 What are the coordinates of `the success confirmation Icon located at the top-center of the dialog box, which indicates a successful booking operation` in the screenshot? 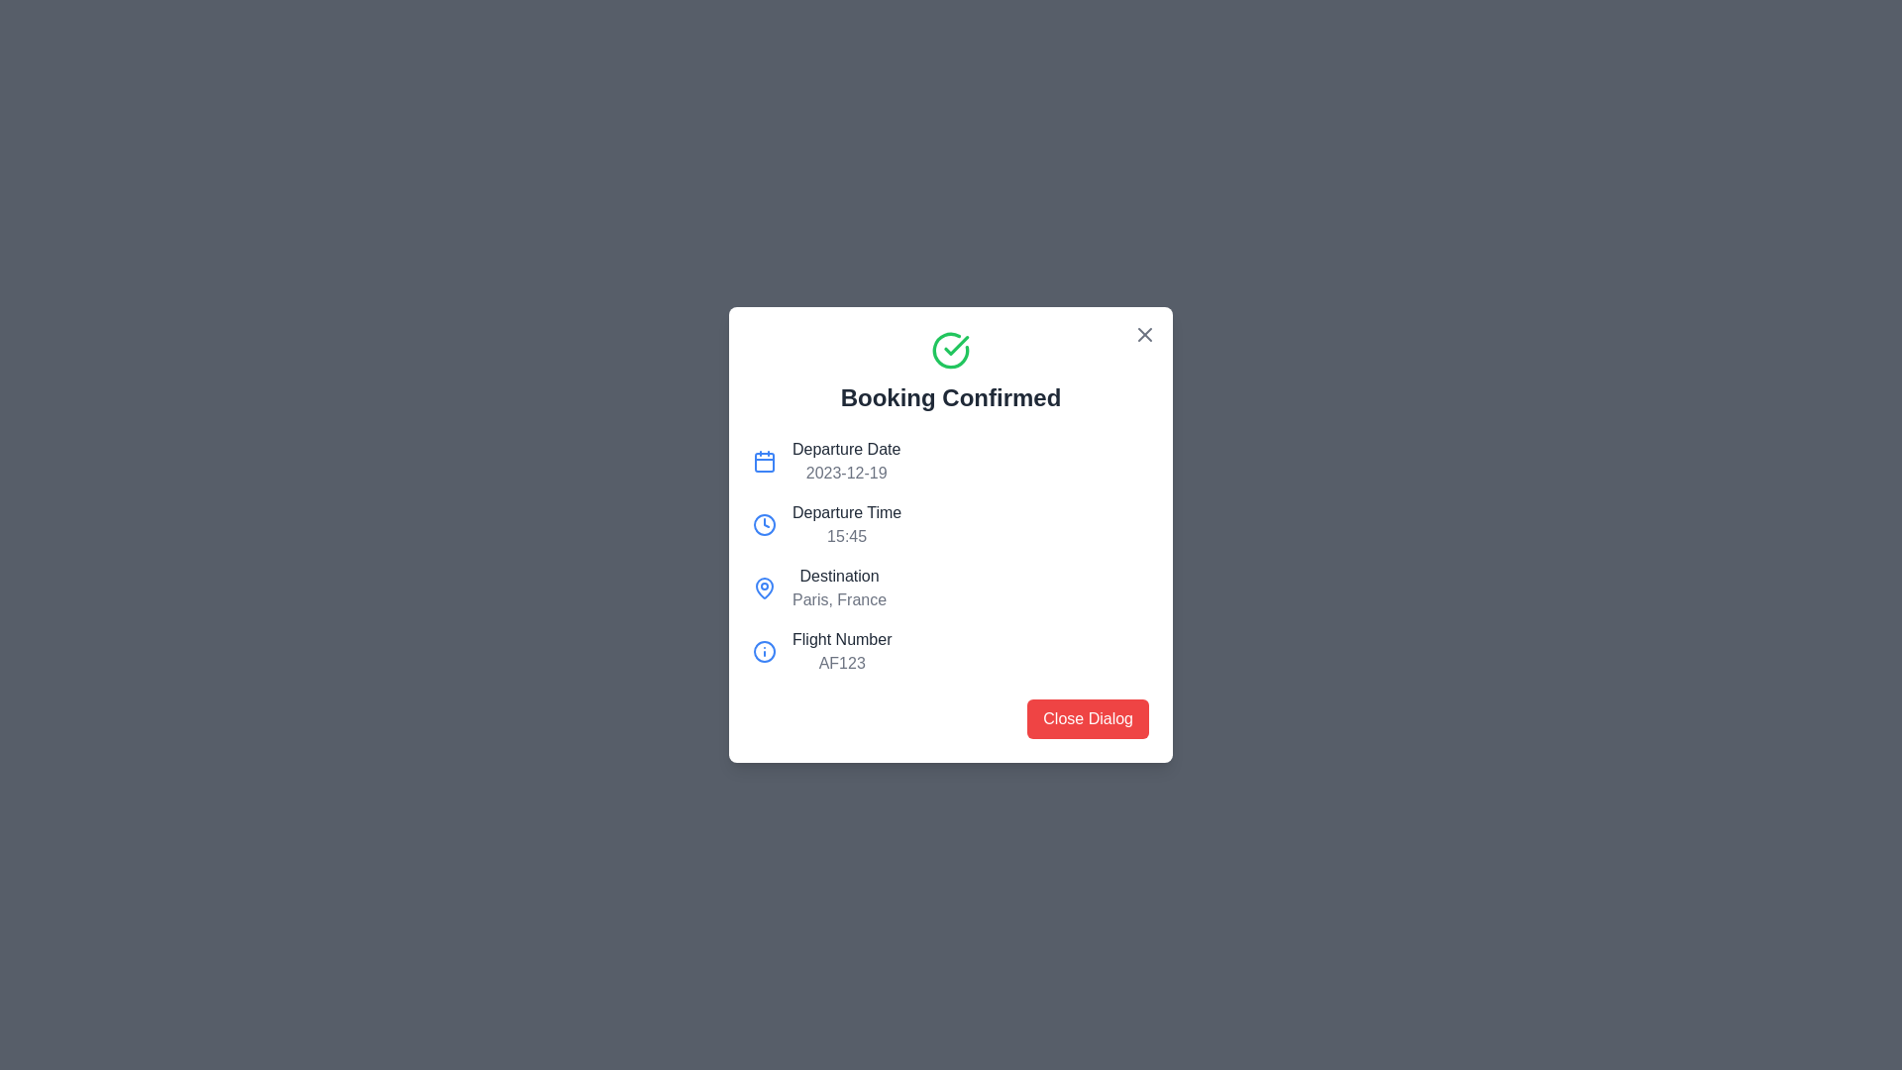 It's located at (951, 350).